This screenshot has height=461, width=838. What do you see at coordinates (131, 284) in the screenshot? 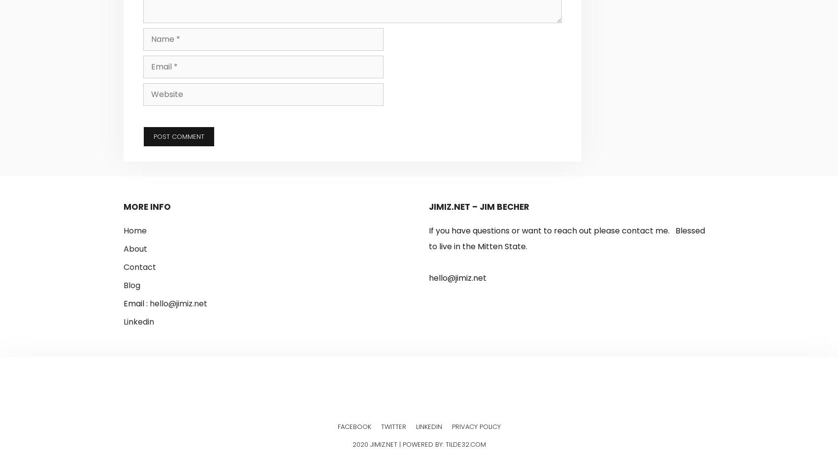
I see `'Blog'` at bounding box center [131, 284].